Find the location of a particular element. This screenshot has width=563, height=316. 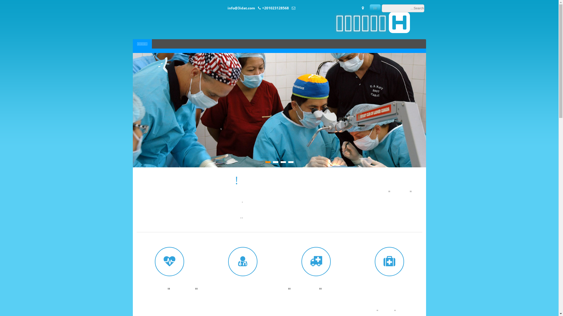

'3' is located at coordinates (275, 162).